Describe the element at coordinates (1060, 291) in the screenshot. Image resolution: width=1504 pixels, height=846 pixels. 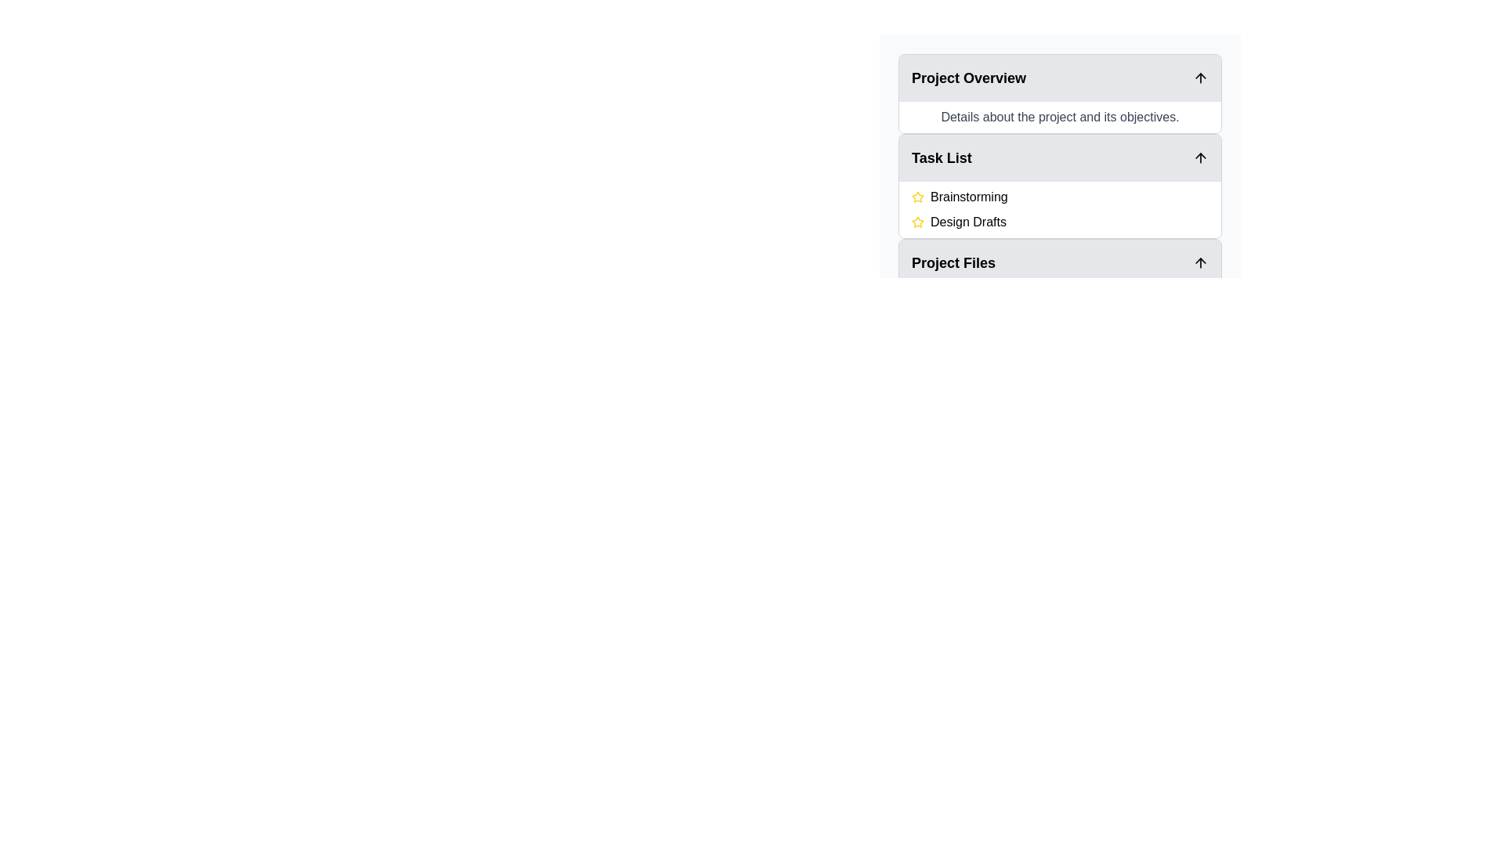
I see `the filenames in the 'Project Files' Collapsible panel` at that location.